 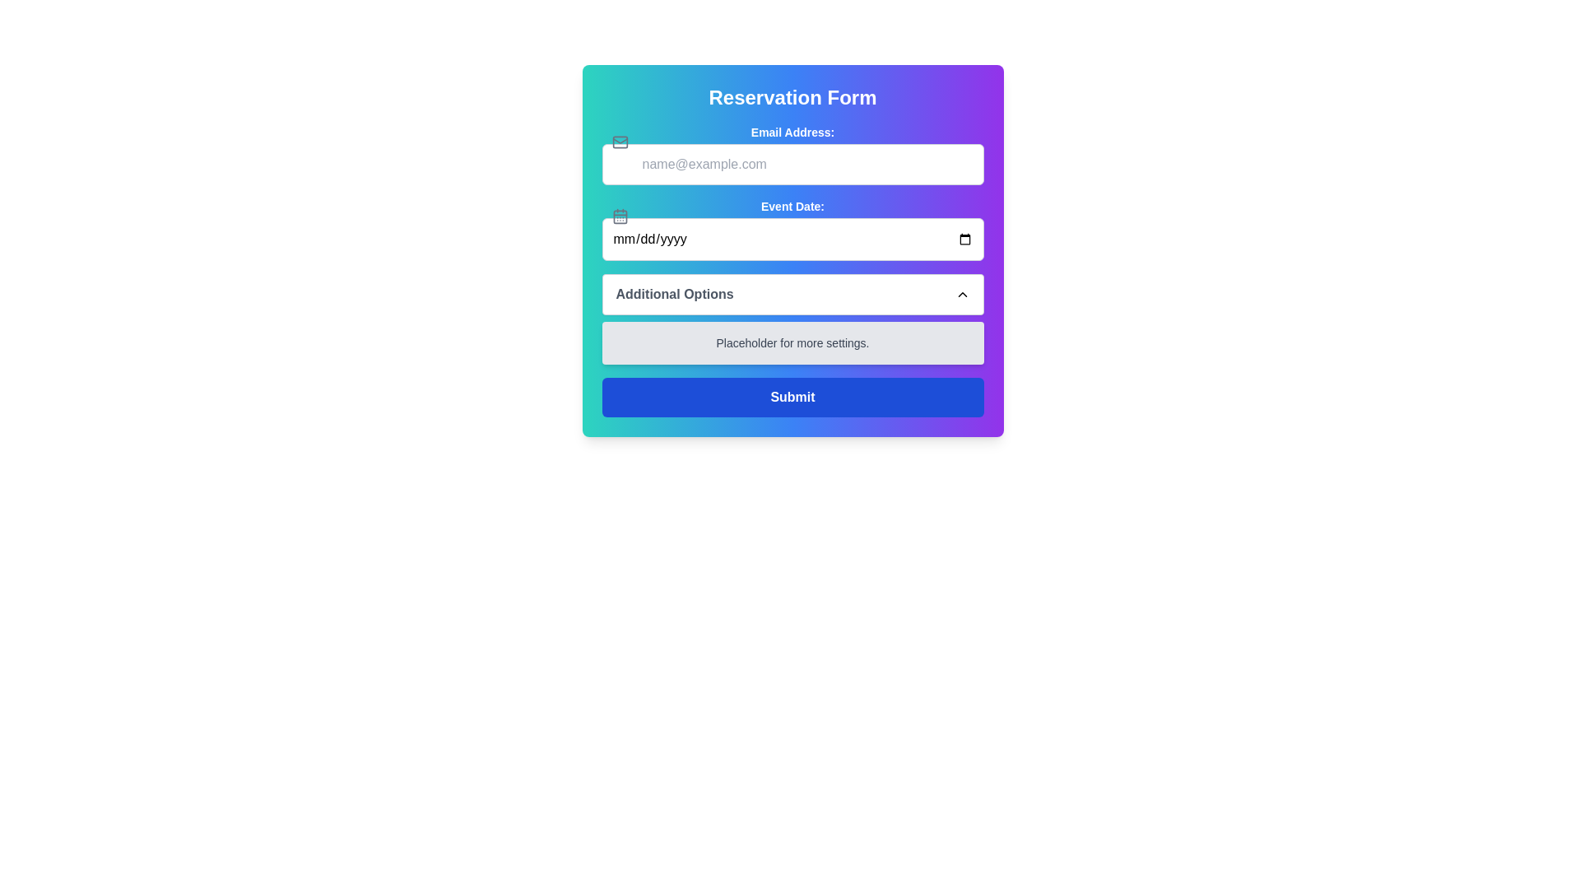 I want to click on the static text placeholder that indicates unavailable settings, located between the 'Additional Options' section and the 'Submit' button, so click(x=792, y=342).